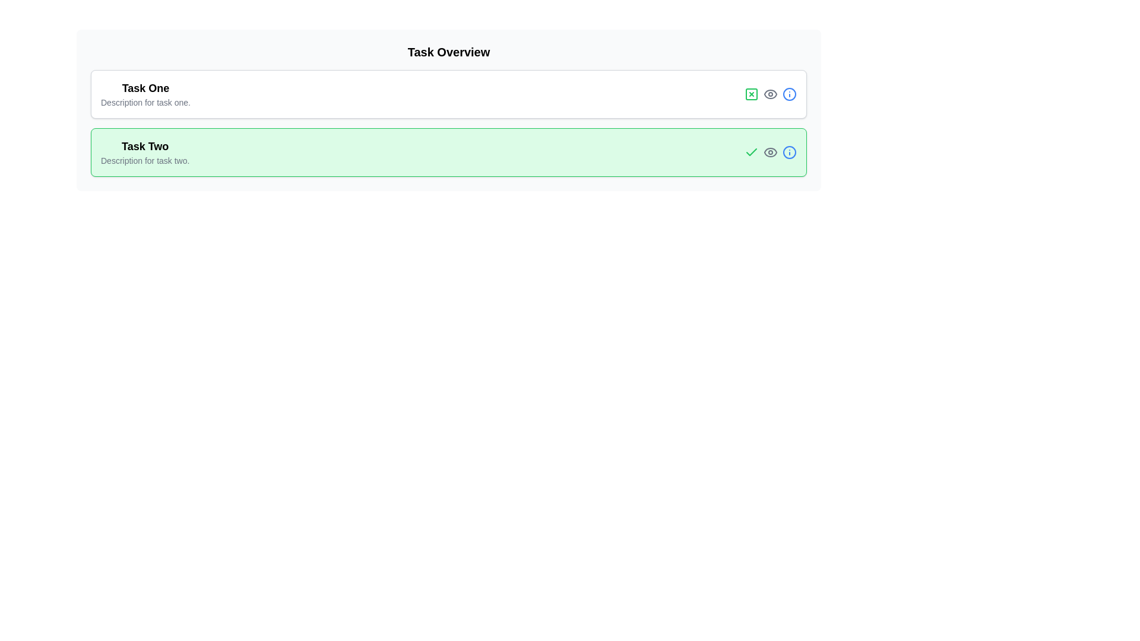 The height and width of the screenshot is (641, 1140). What do you see at coordinates (770, 152) in the screenshot?
I see `the eye-shaped icon button, which is styled in gray and represents visibility, located between a green check mark and a blue 'info' icon` at bounding box center [770, 152].